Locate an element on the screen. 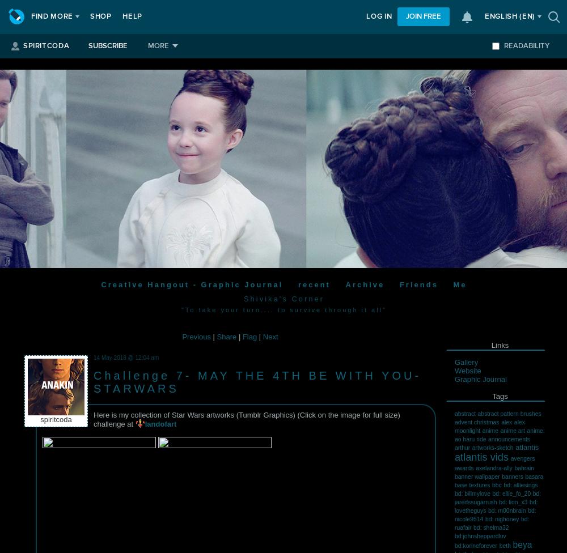  'bd: lovetheguys' is located at coordinates (496, 506).